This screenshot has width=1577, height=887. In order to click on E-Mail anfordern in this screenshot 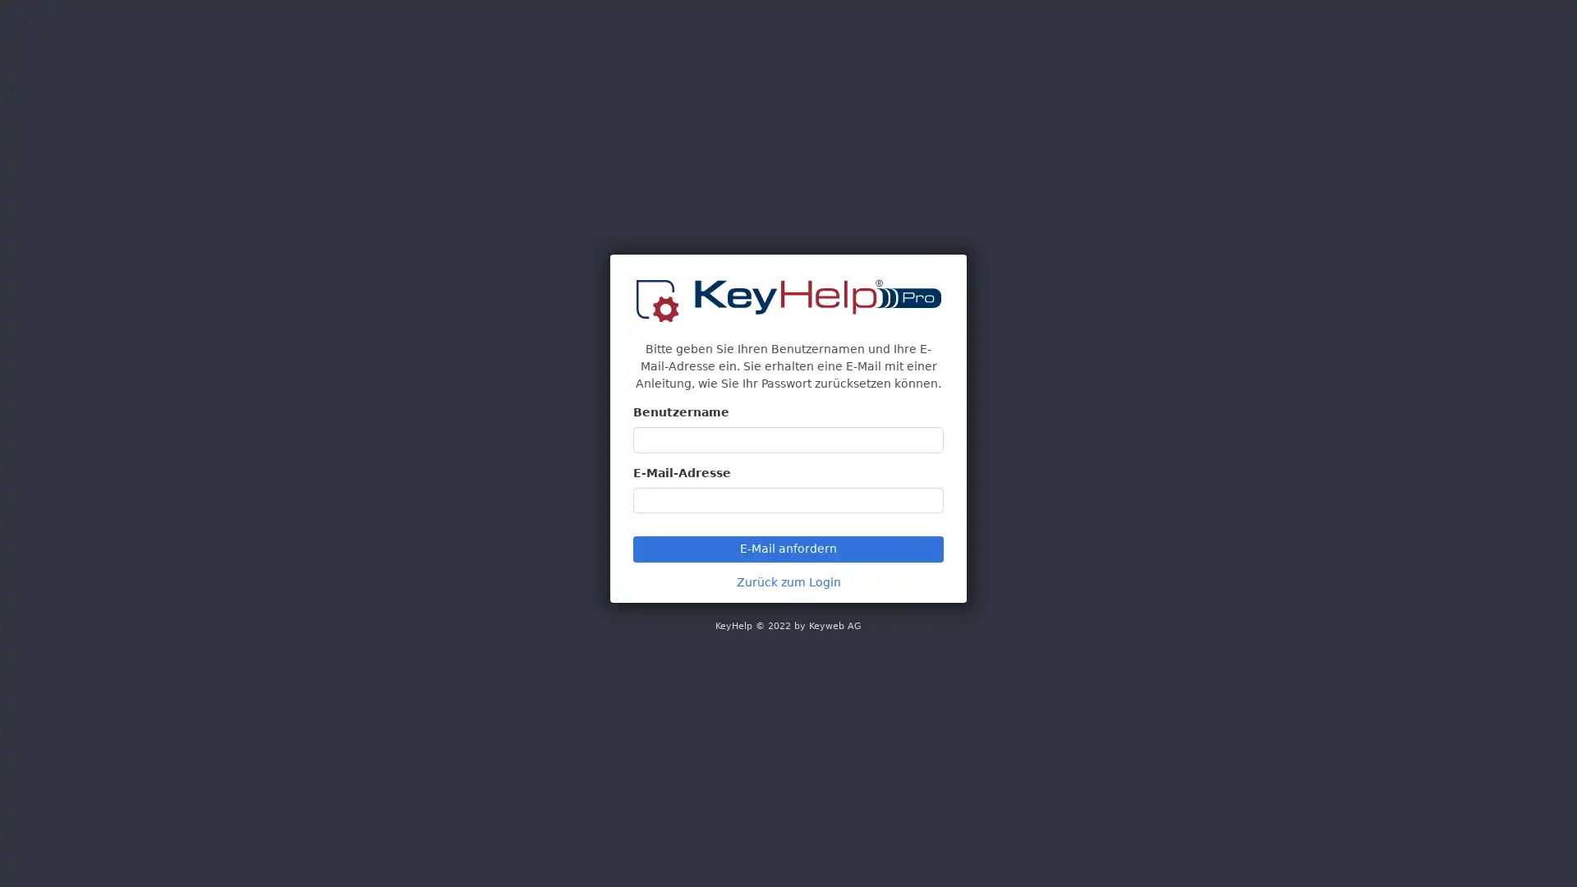, I will do `click(788, 549)`.